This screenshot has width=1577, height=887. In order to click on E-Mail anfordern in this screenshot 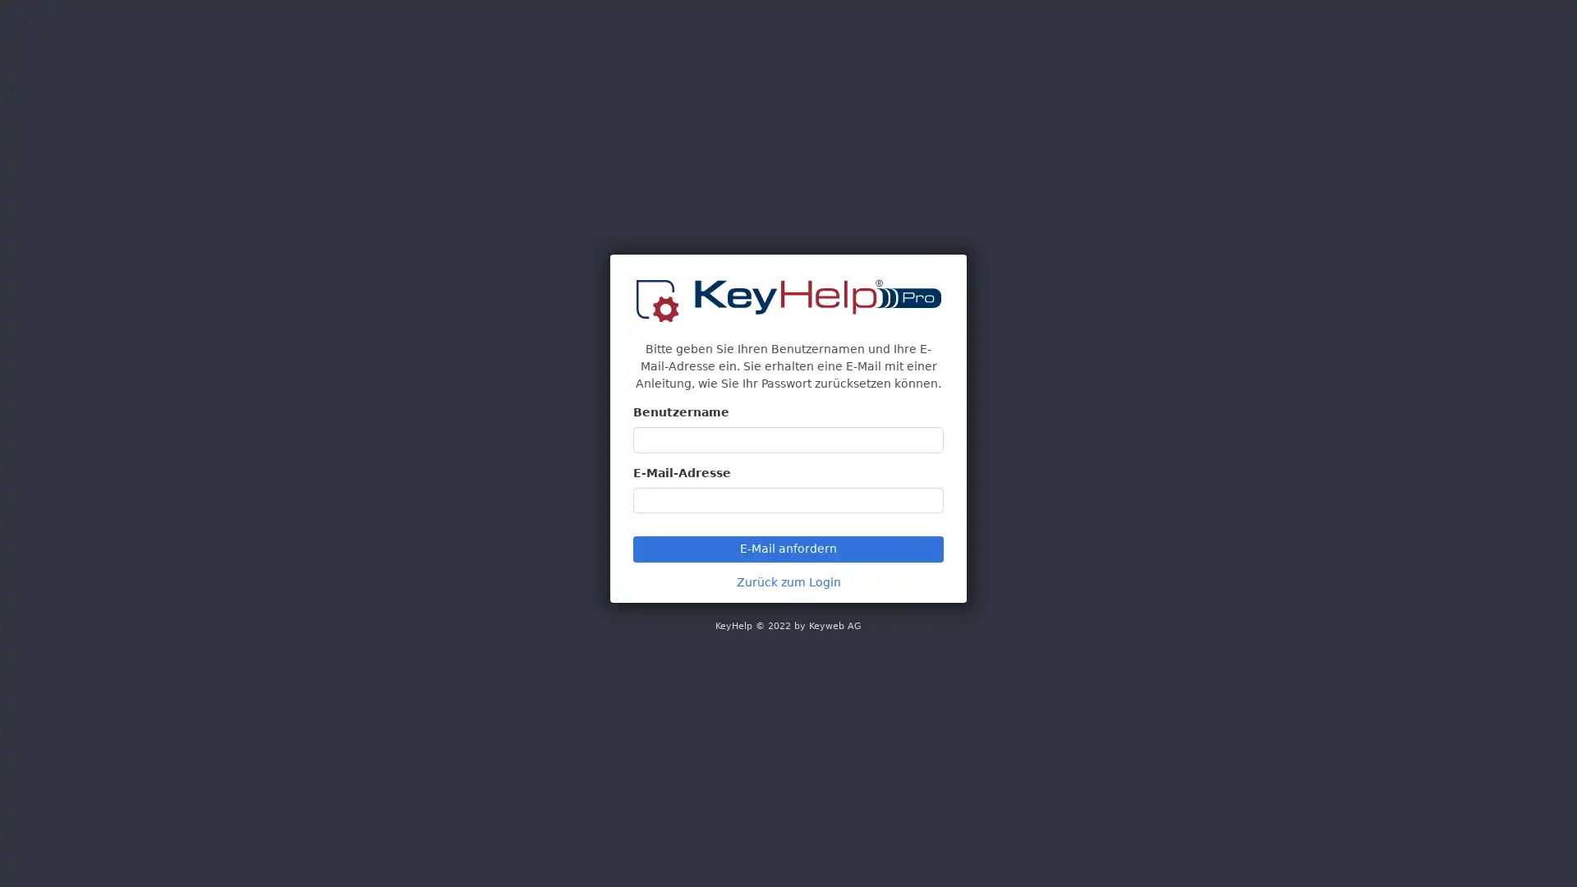, I will do `click(788, 549)`.